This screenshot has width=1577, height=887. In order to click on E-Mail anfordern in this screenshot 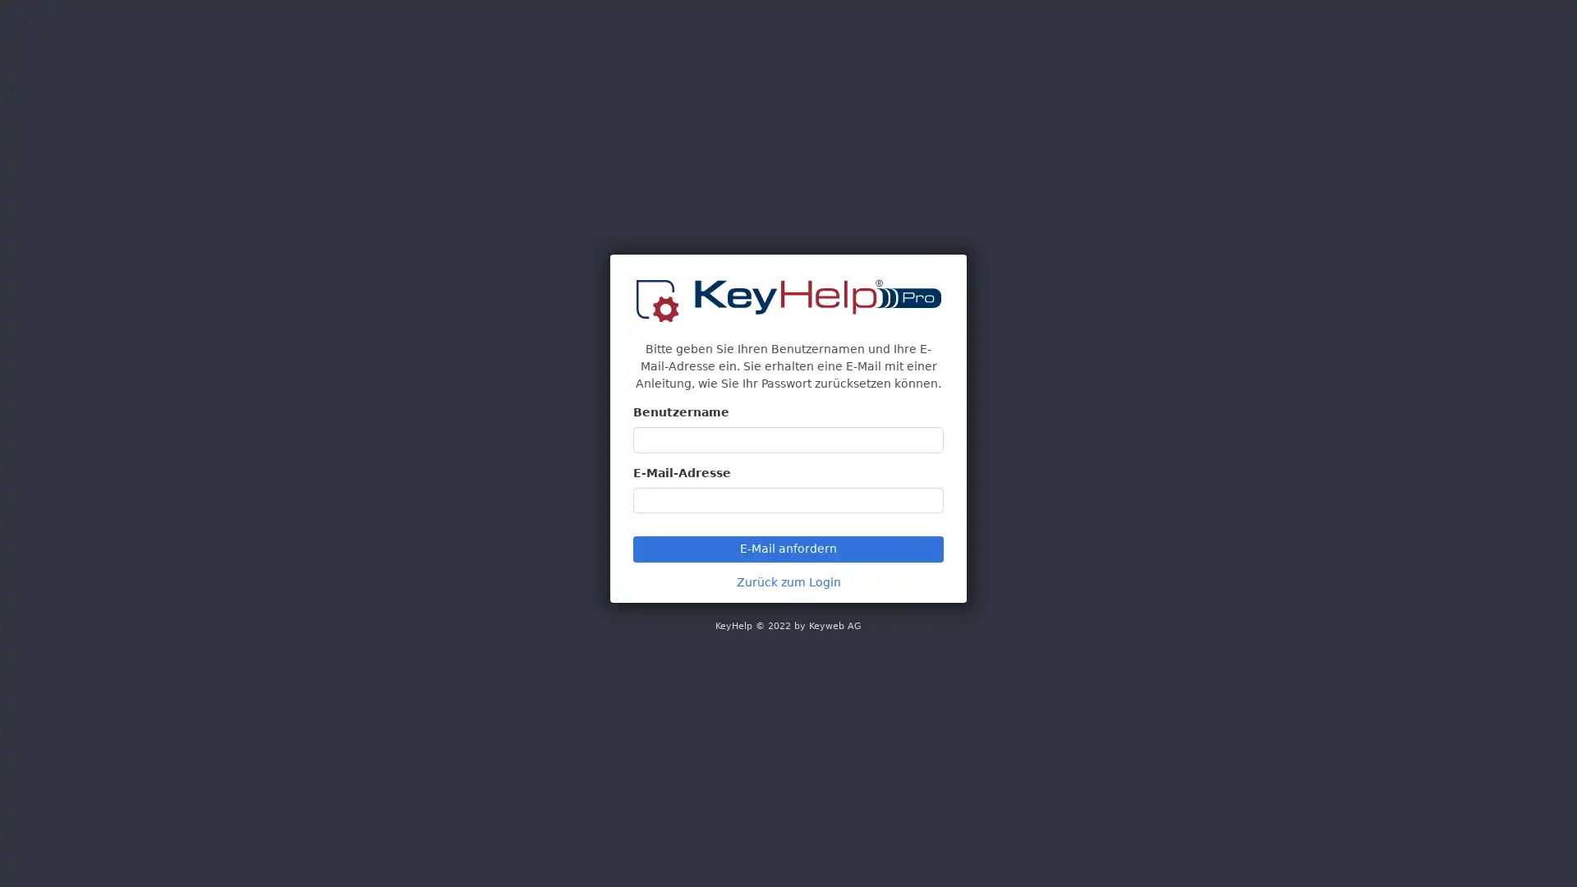, I will do `click(788, 549)`.